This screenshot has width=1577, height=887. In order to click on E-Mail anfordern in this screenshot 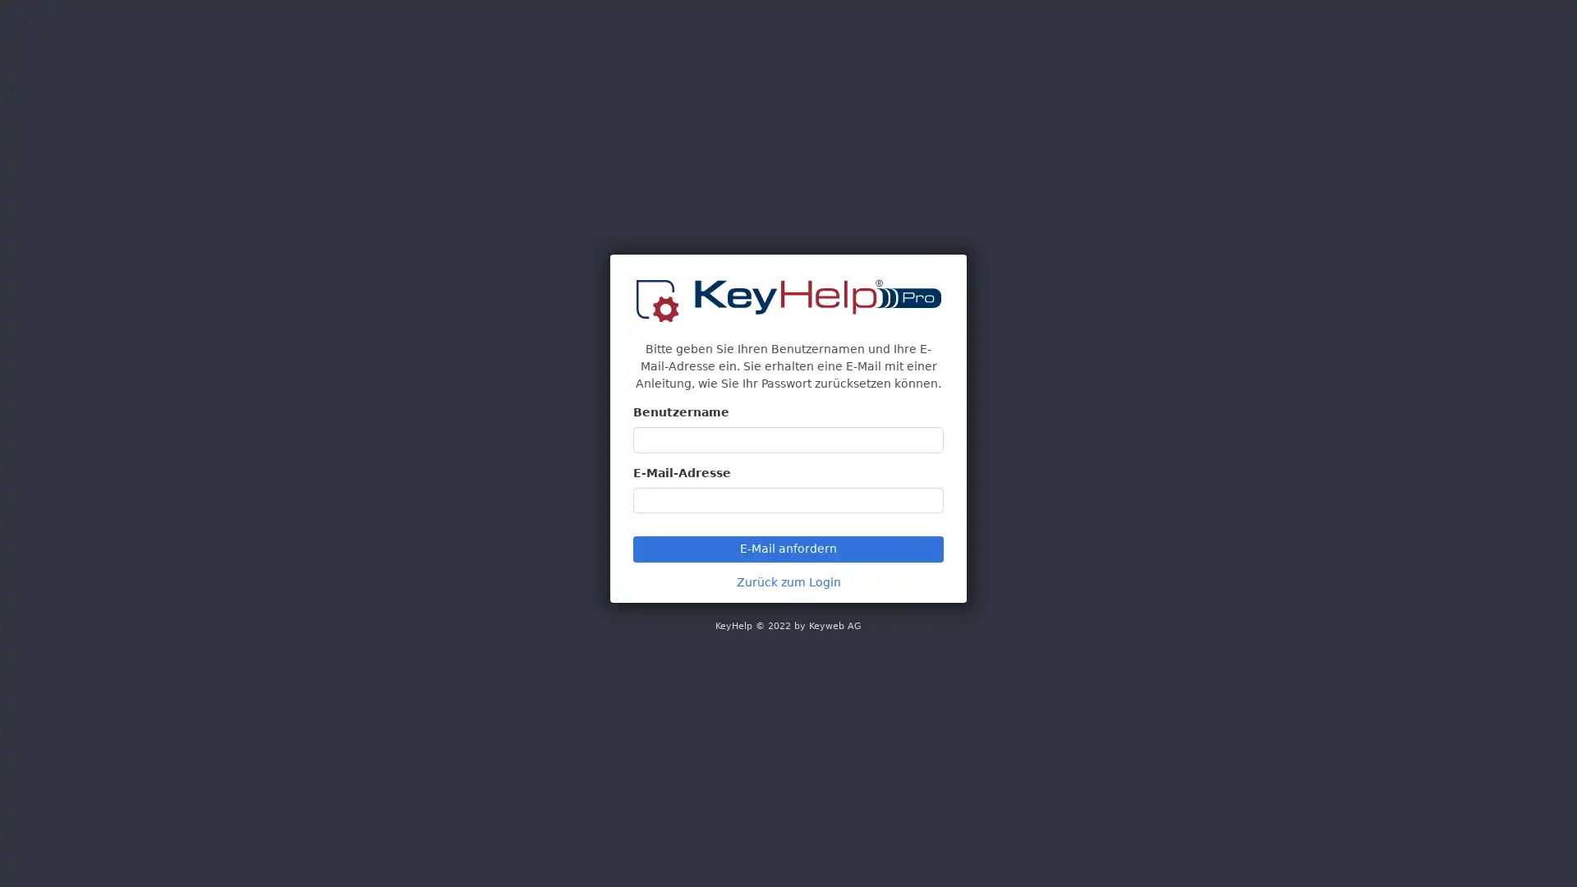, I will do `click(788, 549)`.